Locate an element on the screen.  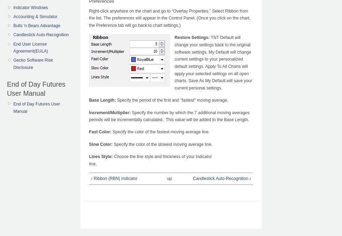
'Candlestick Auto-Recognition ›' is located at coordinates (193, 178).